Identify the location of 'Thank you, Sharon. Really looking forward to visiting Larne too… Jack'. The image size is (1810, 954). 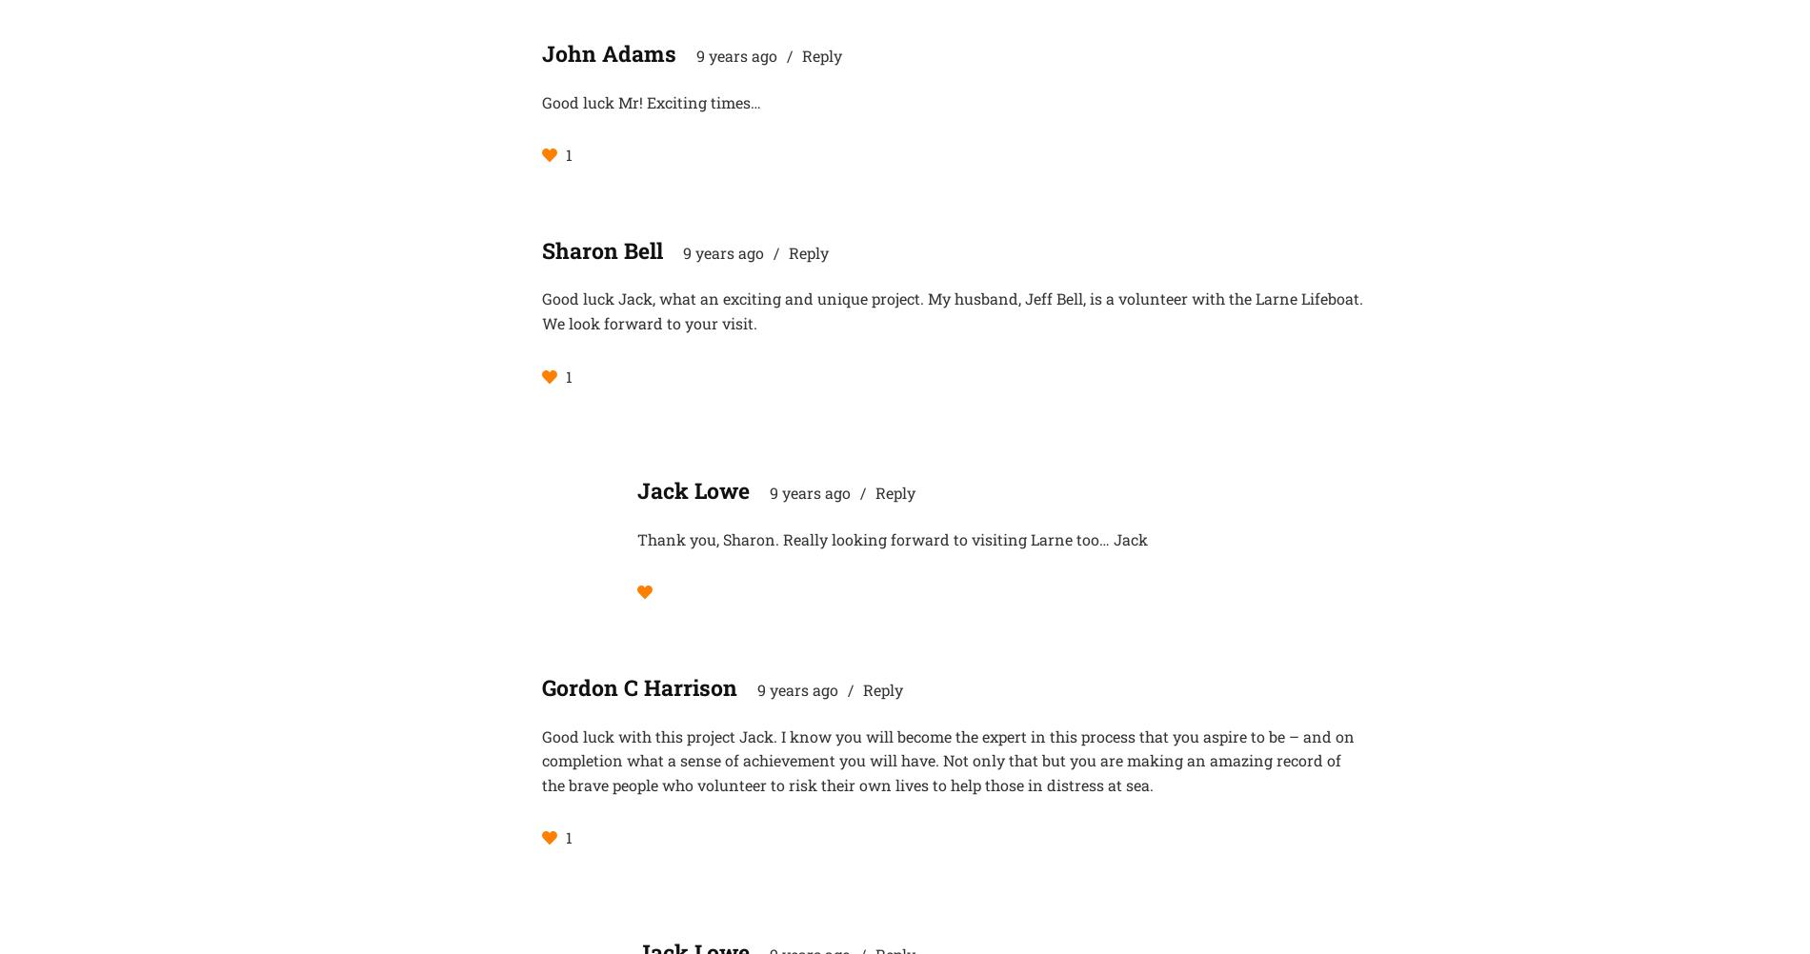
(892, 538).